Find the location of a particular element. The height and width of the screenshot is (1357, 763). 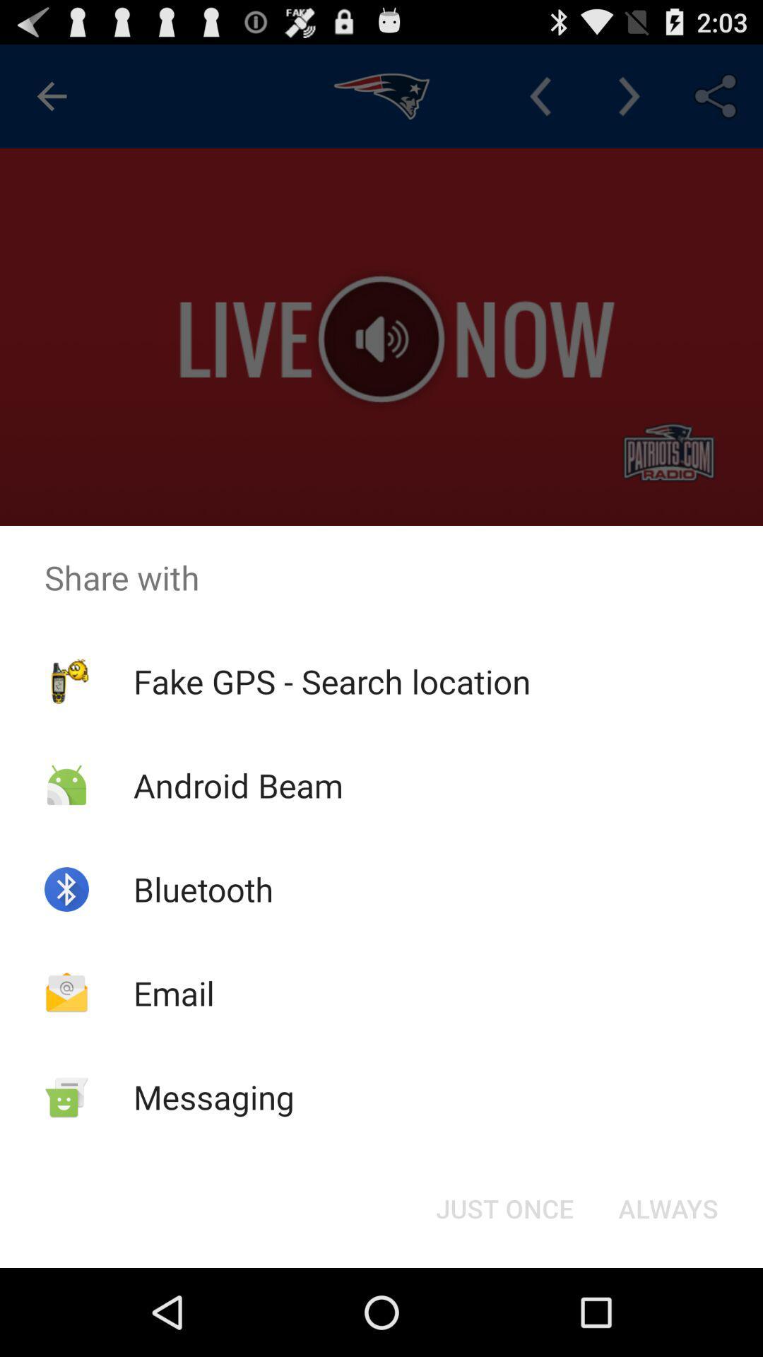

the email app is located at coordinates (173, 992).